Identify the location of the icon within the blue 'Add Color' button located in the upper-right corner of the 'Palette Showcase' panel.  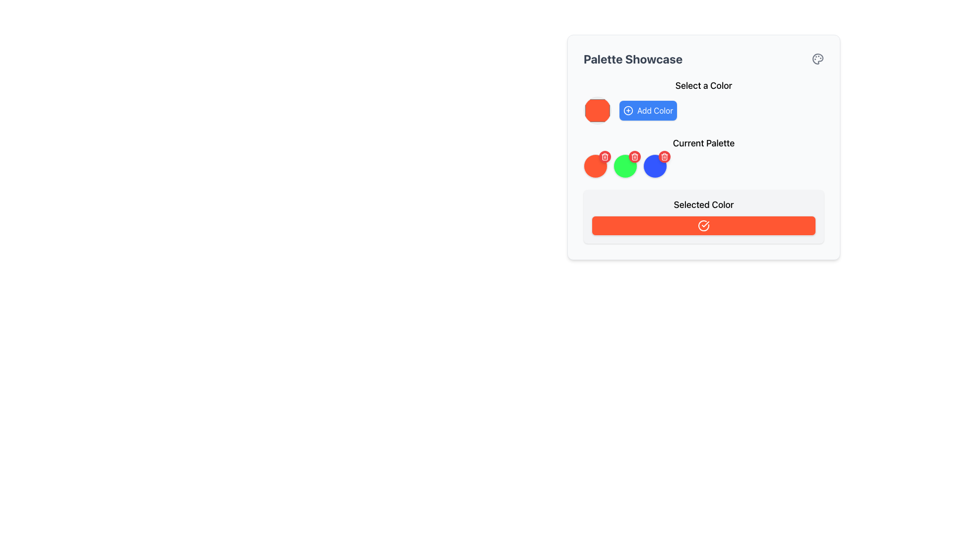
(628, 111).